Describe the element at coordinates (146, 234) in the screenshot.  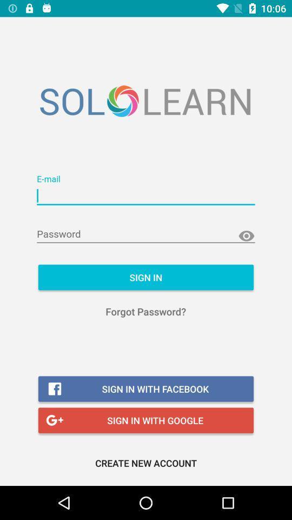
I see `entry password` at that location.